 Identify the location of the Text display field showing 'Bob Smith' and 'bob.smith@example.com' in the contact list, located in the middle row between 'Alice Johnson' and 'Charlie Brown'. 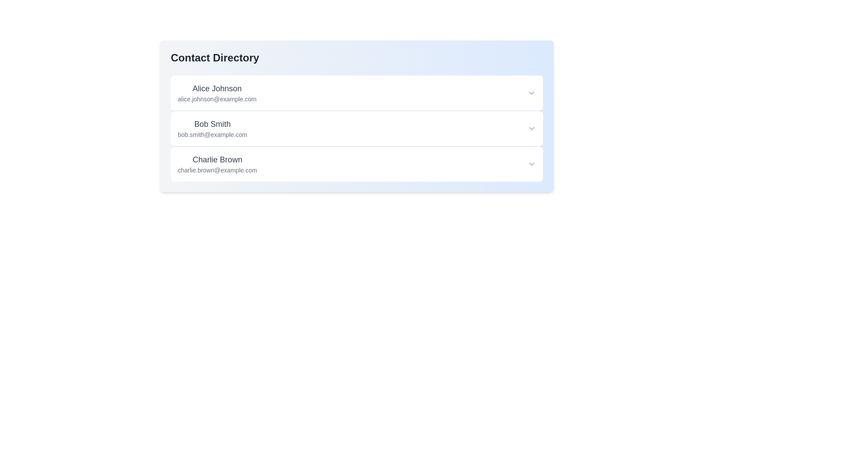
(213, 129).